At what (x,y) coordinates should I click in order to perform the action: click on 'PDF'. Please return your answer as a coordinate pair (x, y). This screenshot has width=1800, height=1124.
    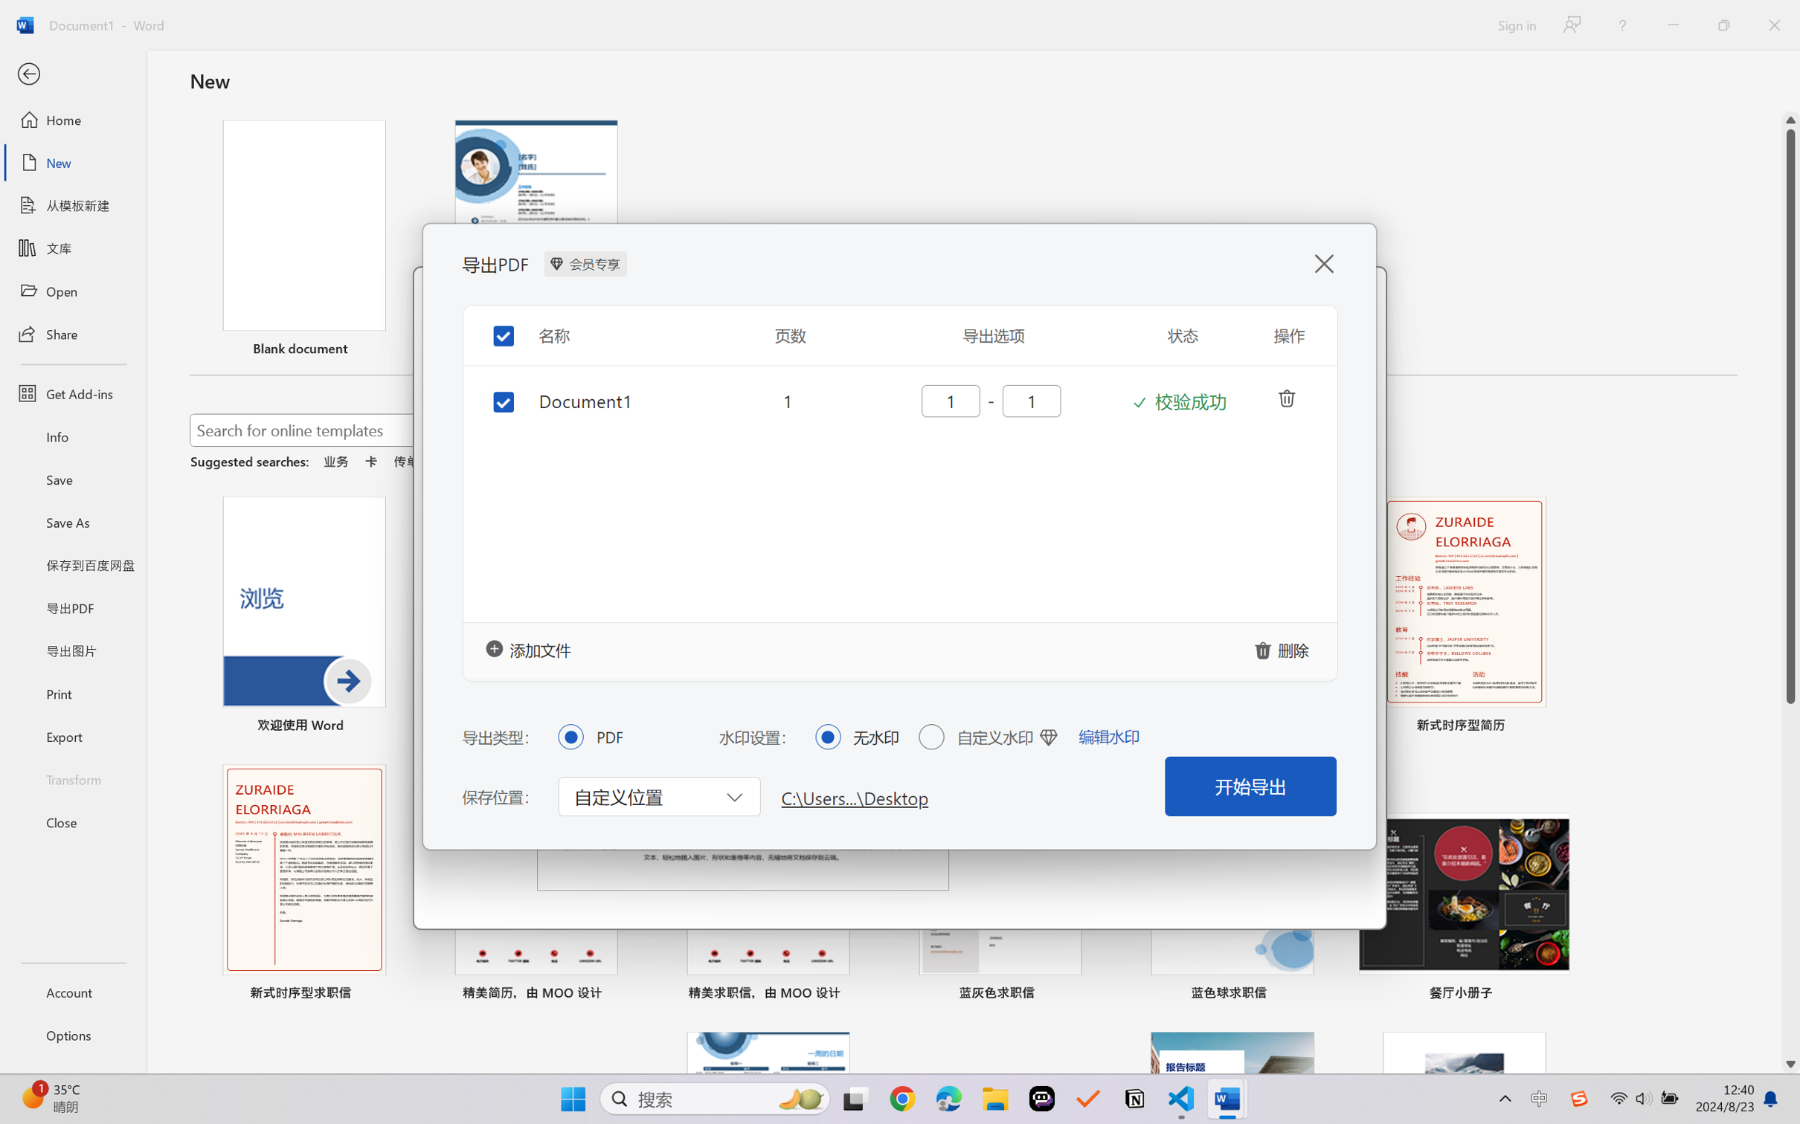
    Looking at the image, I should click on (570, 735).